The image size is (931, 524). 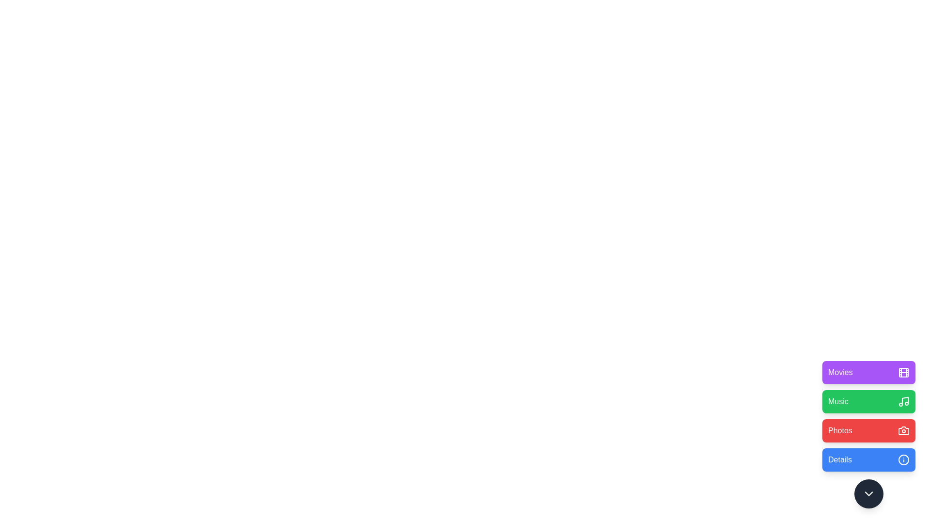 I want to click on the 'Photos' button, so click(x=868, y=430).